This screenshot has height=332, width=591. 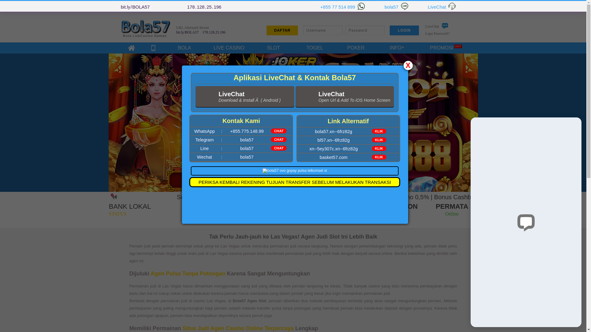 I want to click on 'basket57.com', so click(x=333, y=157).